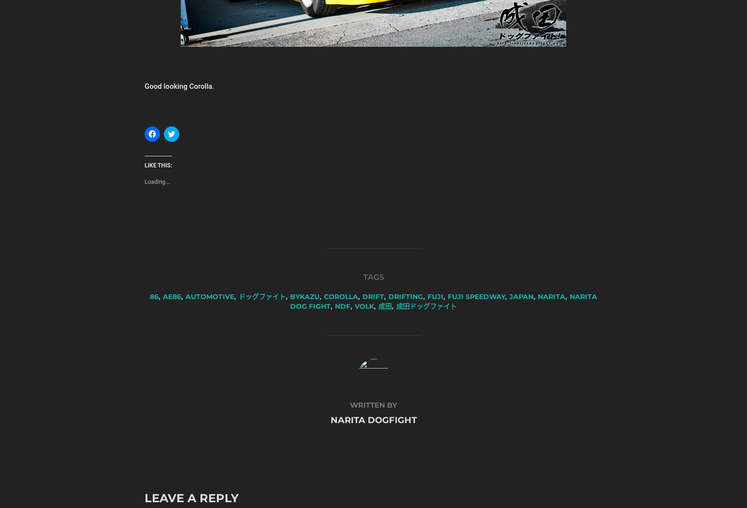 This screenshot has width=747, height=508. What do you see at coordinates (373, 404) in the screenshot?
I see `'Written by'` at bounding box center [373, 404].